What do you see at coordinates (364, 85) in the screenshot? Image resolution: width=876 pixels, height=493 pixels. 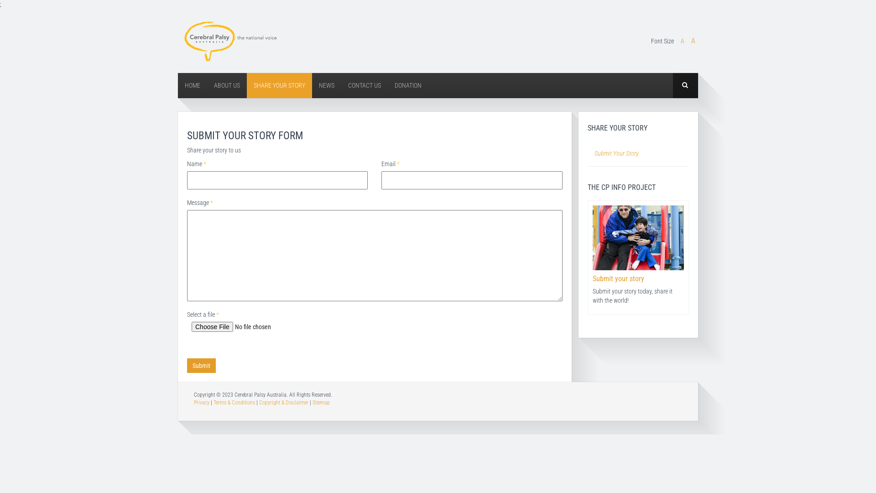 I see `'CONTACT US'` at bounding box center [364, 85].